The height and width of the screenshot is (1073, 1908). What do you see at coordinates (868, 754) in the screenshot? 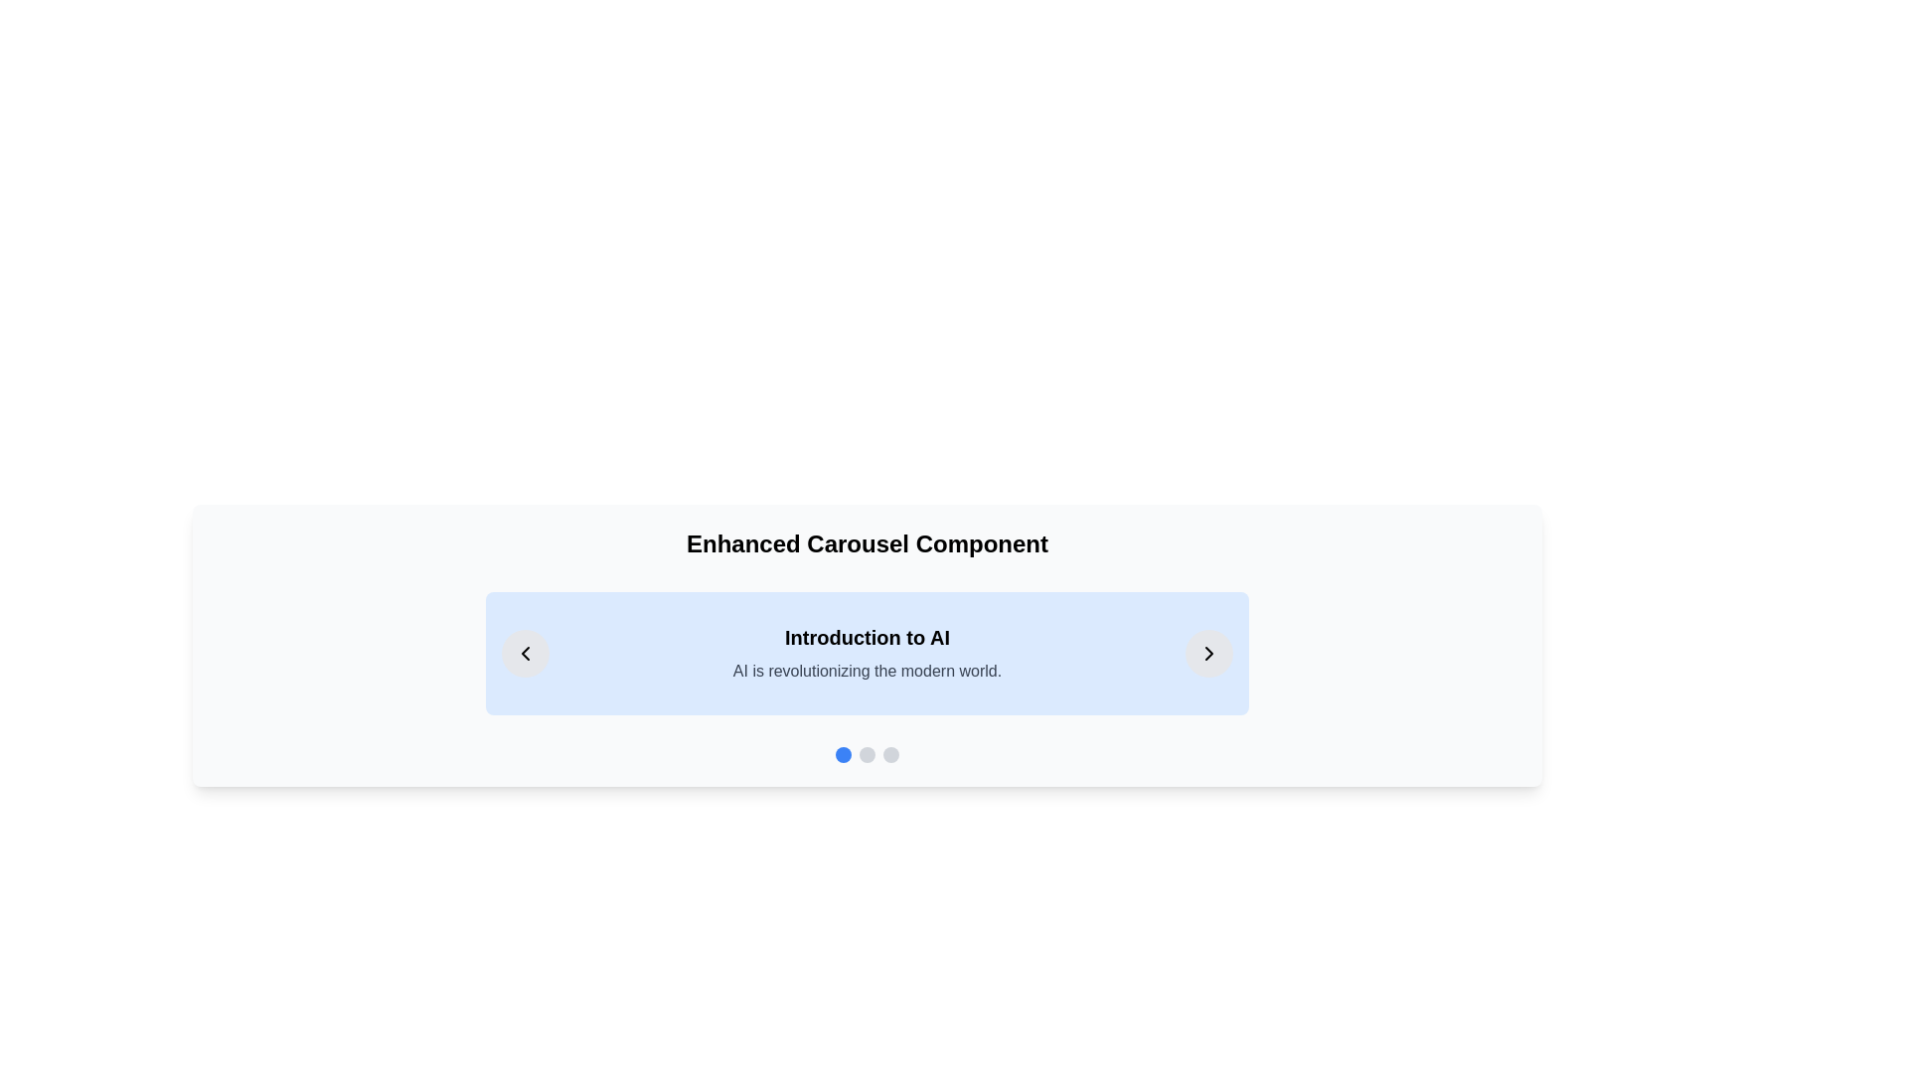
I see `the second circular Indicator Dot with a light gray background, positioned below the carousel's content display area` at bounding box center [868, 754].